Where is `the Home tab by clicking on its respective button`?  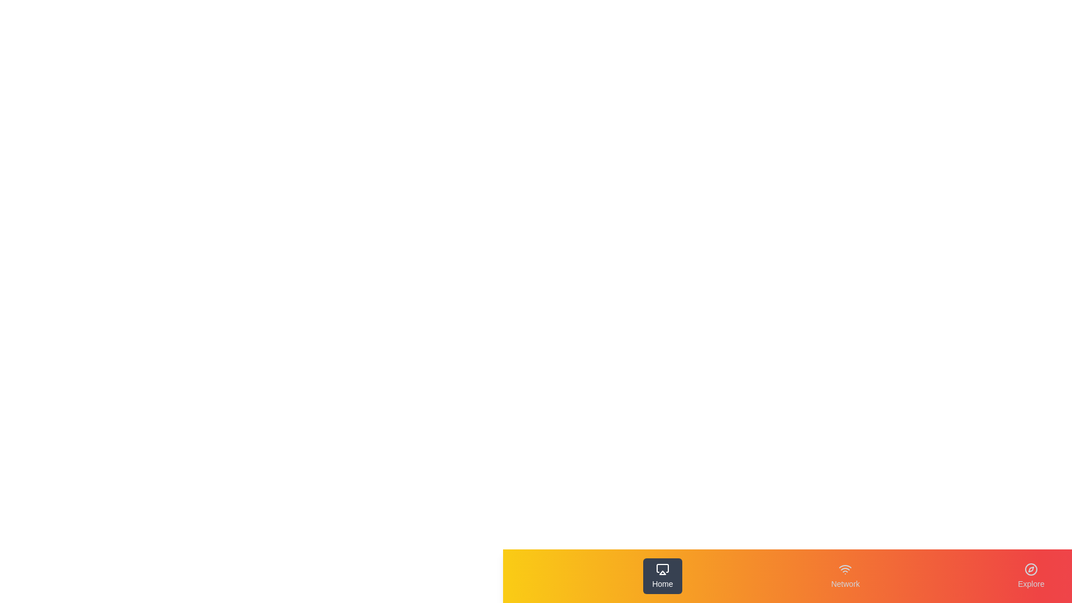
the Home tab by clicking on its respective button is located at coordinates (662, 576).